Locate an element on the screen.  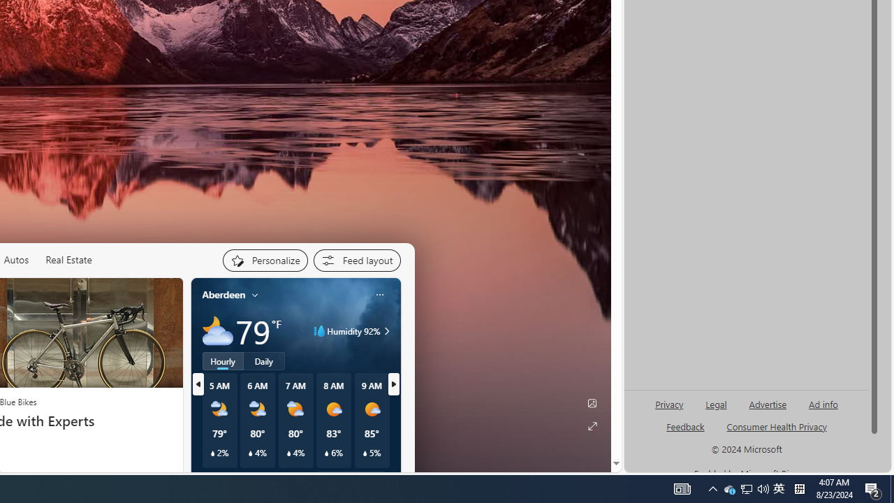
'previous' is located at coordinates (197, 384).